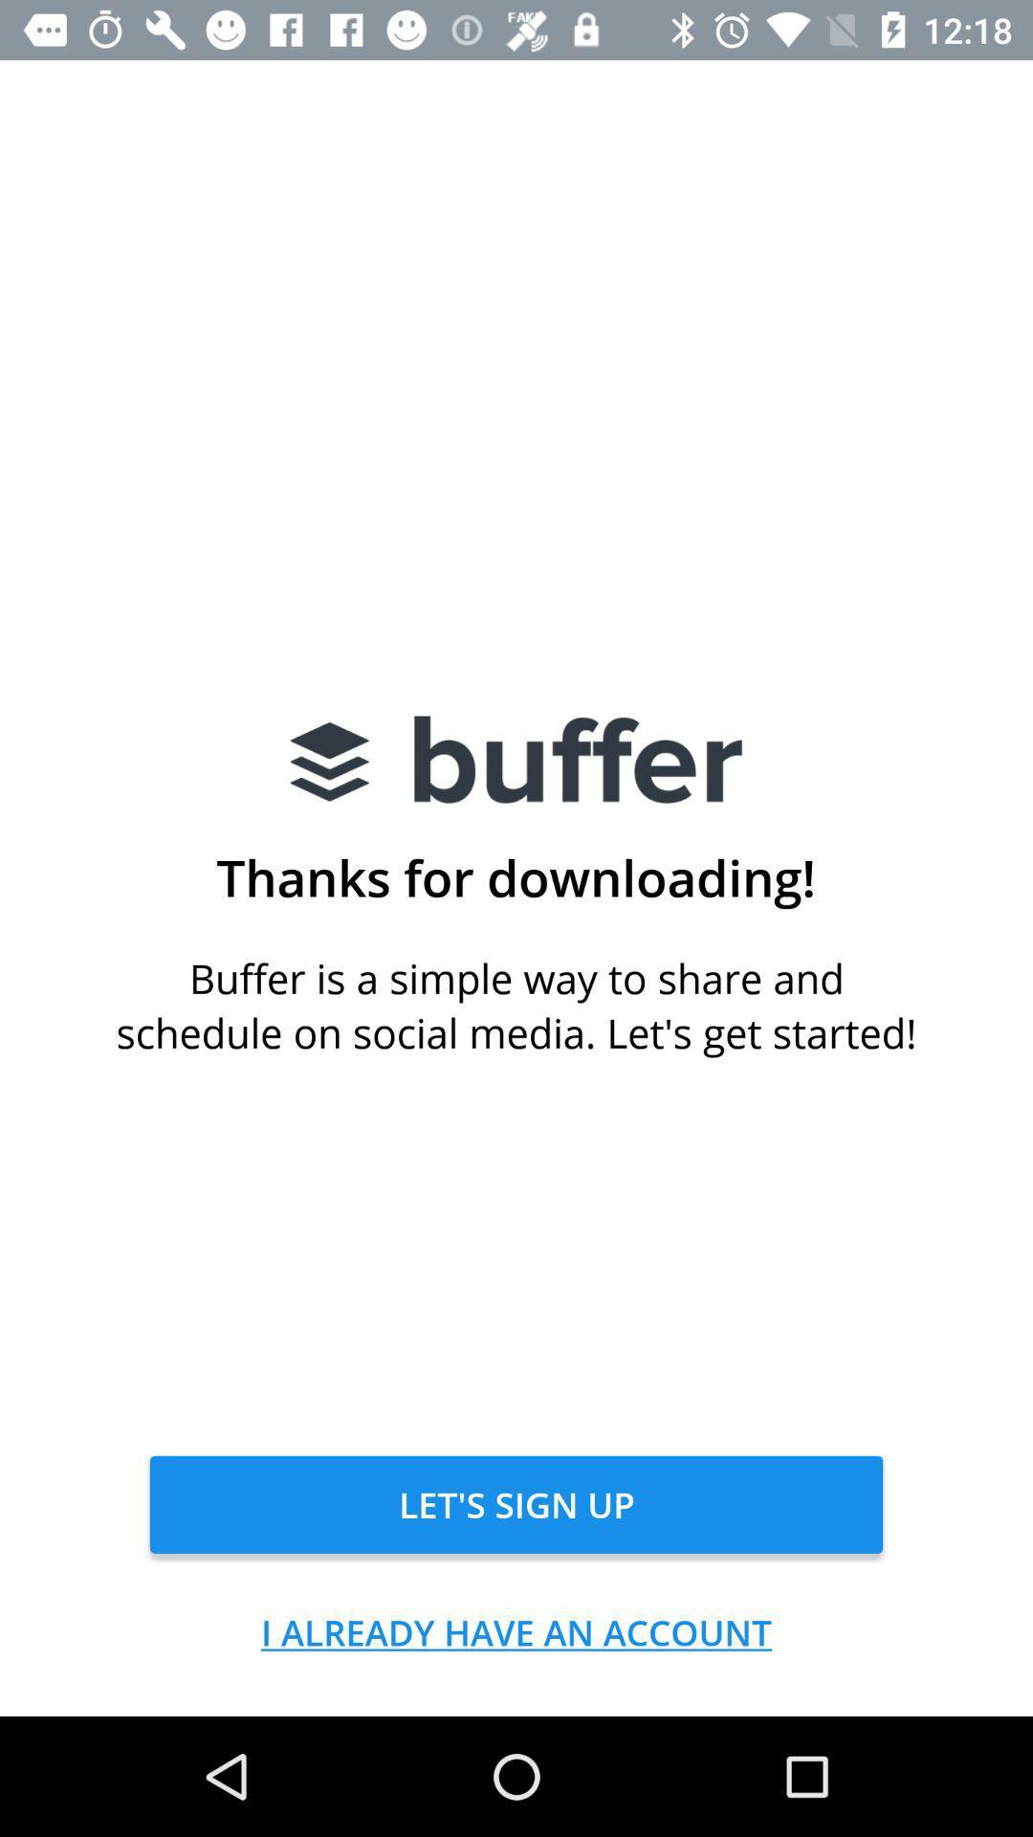  I want to click on item below let s sign item, so click(516, 1631).